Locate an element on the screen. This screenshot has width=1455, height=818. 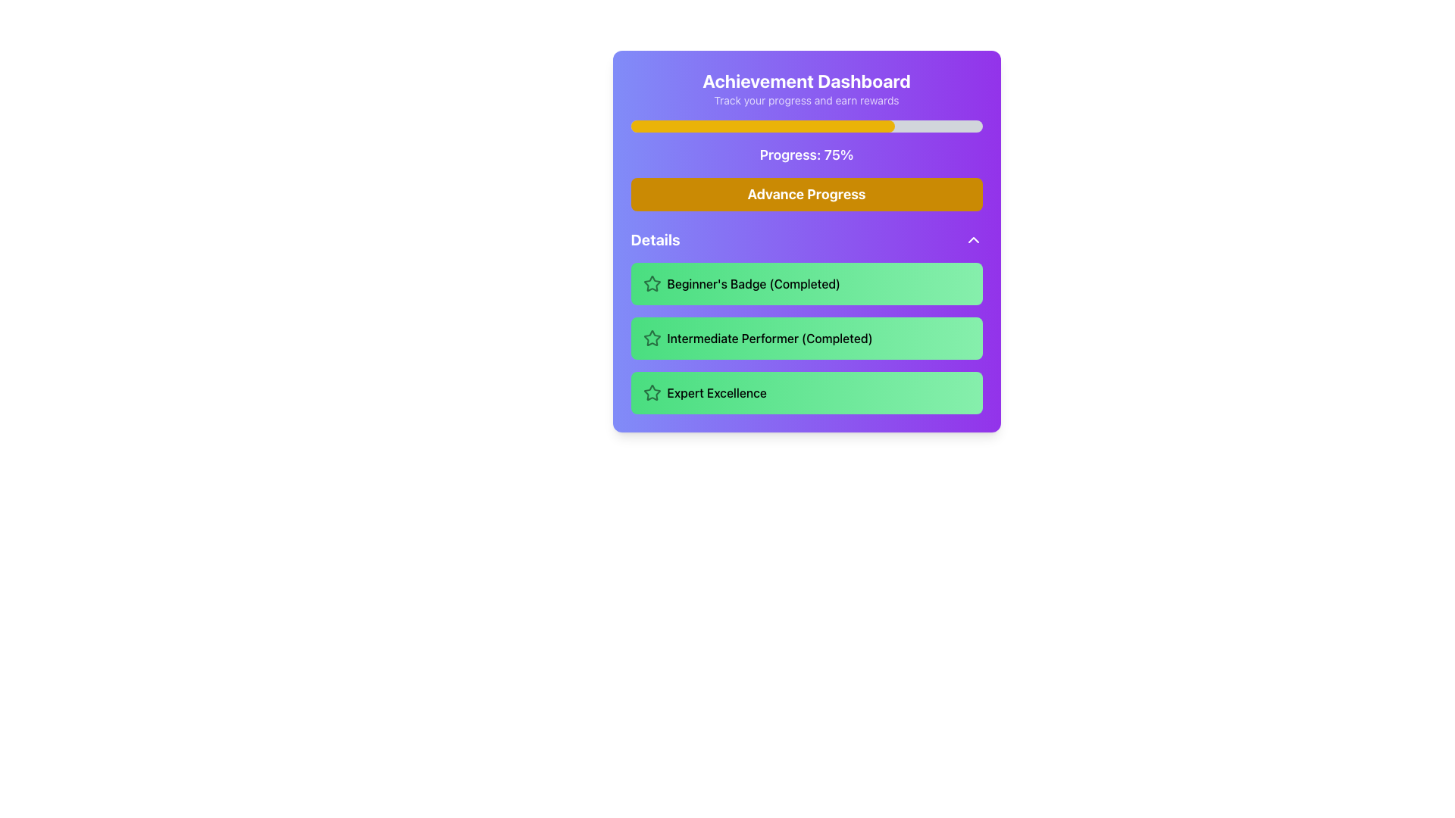
the List of labeled content blocks displaying the user's achievements is located at coordinates (806, 338).